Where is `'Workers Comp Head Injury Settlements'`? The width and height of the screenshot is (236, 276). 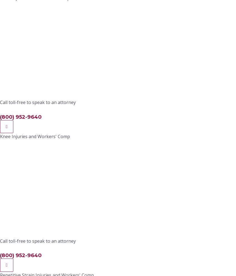
'Workers Comp Head Injury Settlements' is located at coordinates (66, 58).